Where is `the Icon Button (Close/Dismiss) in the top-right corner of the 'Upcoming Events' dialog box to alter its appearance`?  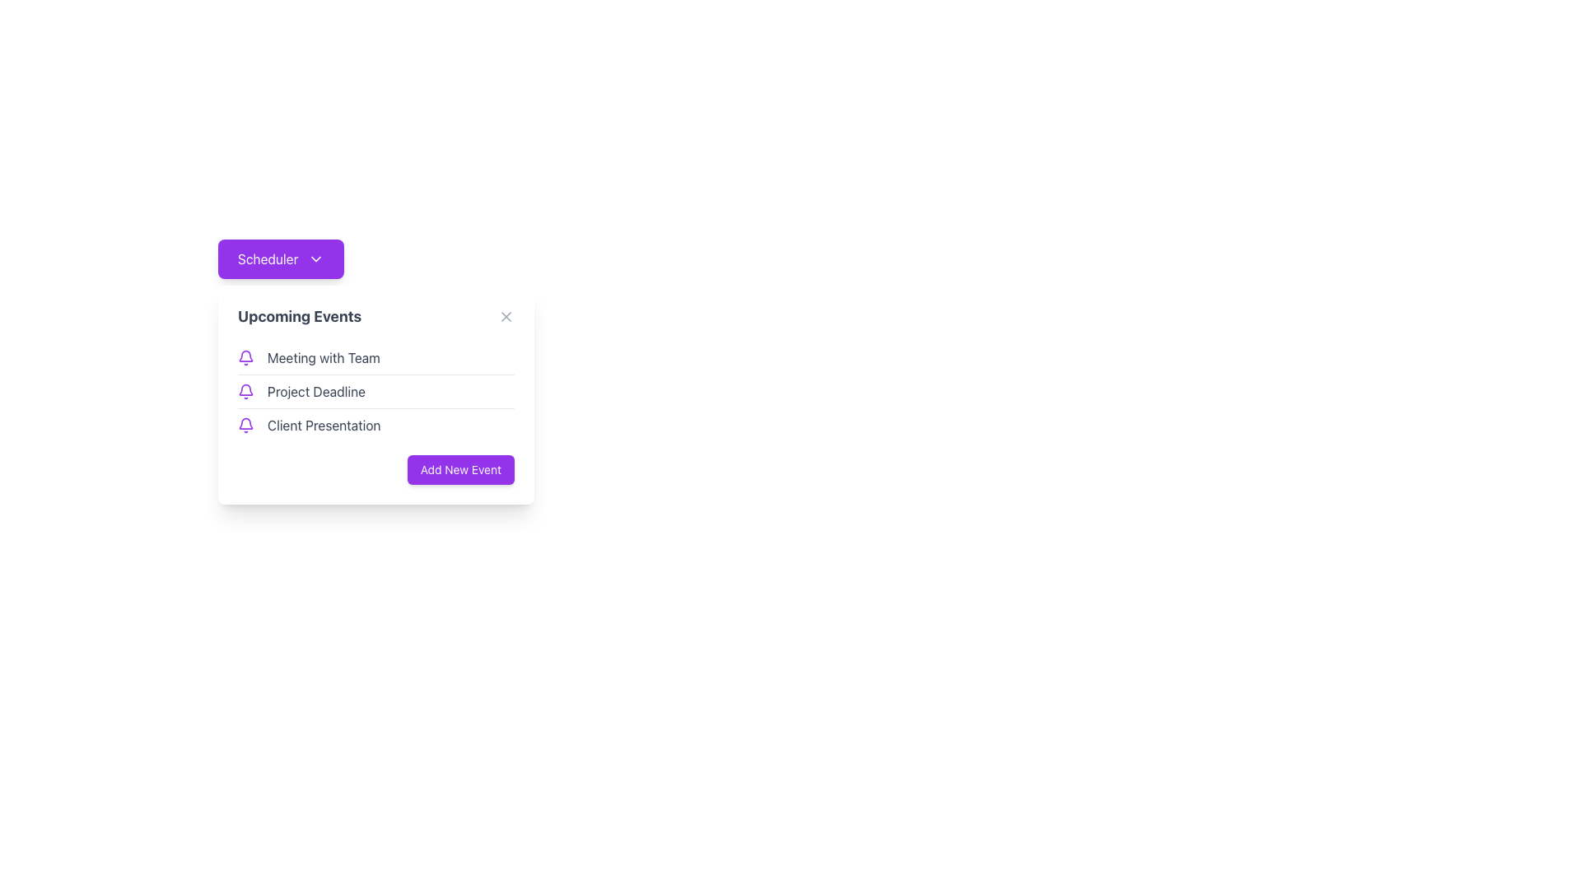
the Icon Button (Close/Dismiss) in the top-right corner of the 'Upcoming Events' dialog box to alter its appearance is located at coordinates (505, 317).